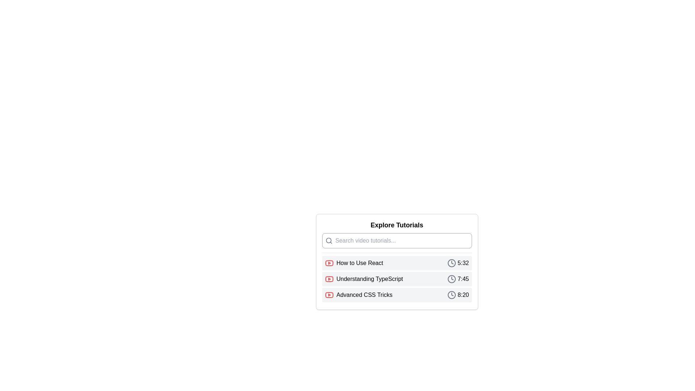 This screenshot has height=391, width=695. I want to click on the gray search icon, which features a minimalistic magnifying glass shape, so click(328, 240).